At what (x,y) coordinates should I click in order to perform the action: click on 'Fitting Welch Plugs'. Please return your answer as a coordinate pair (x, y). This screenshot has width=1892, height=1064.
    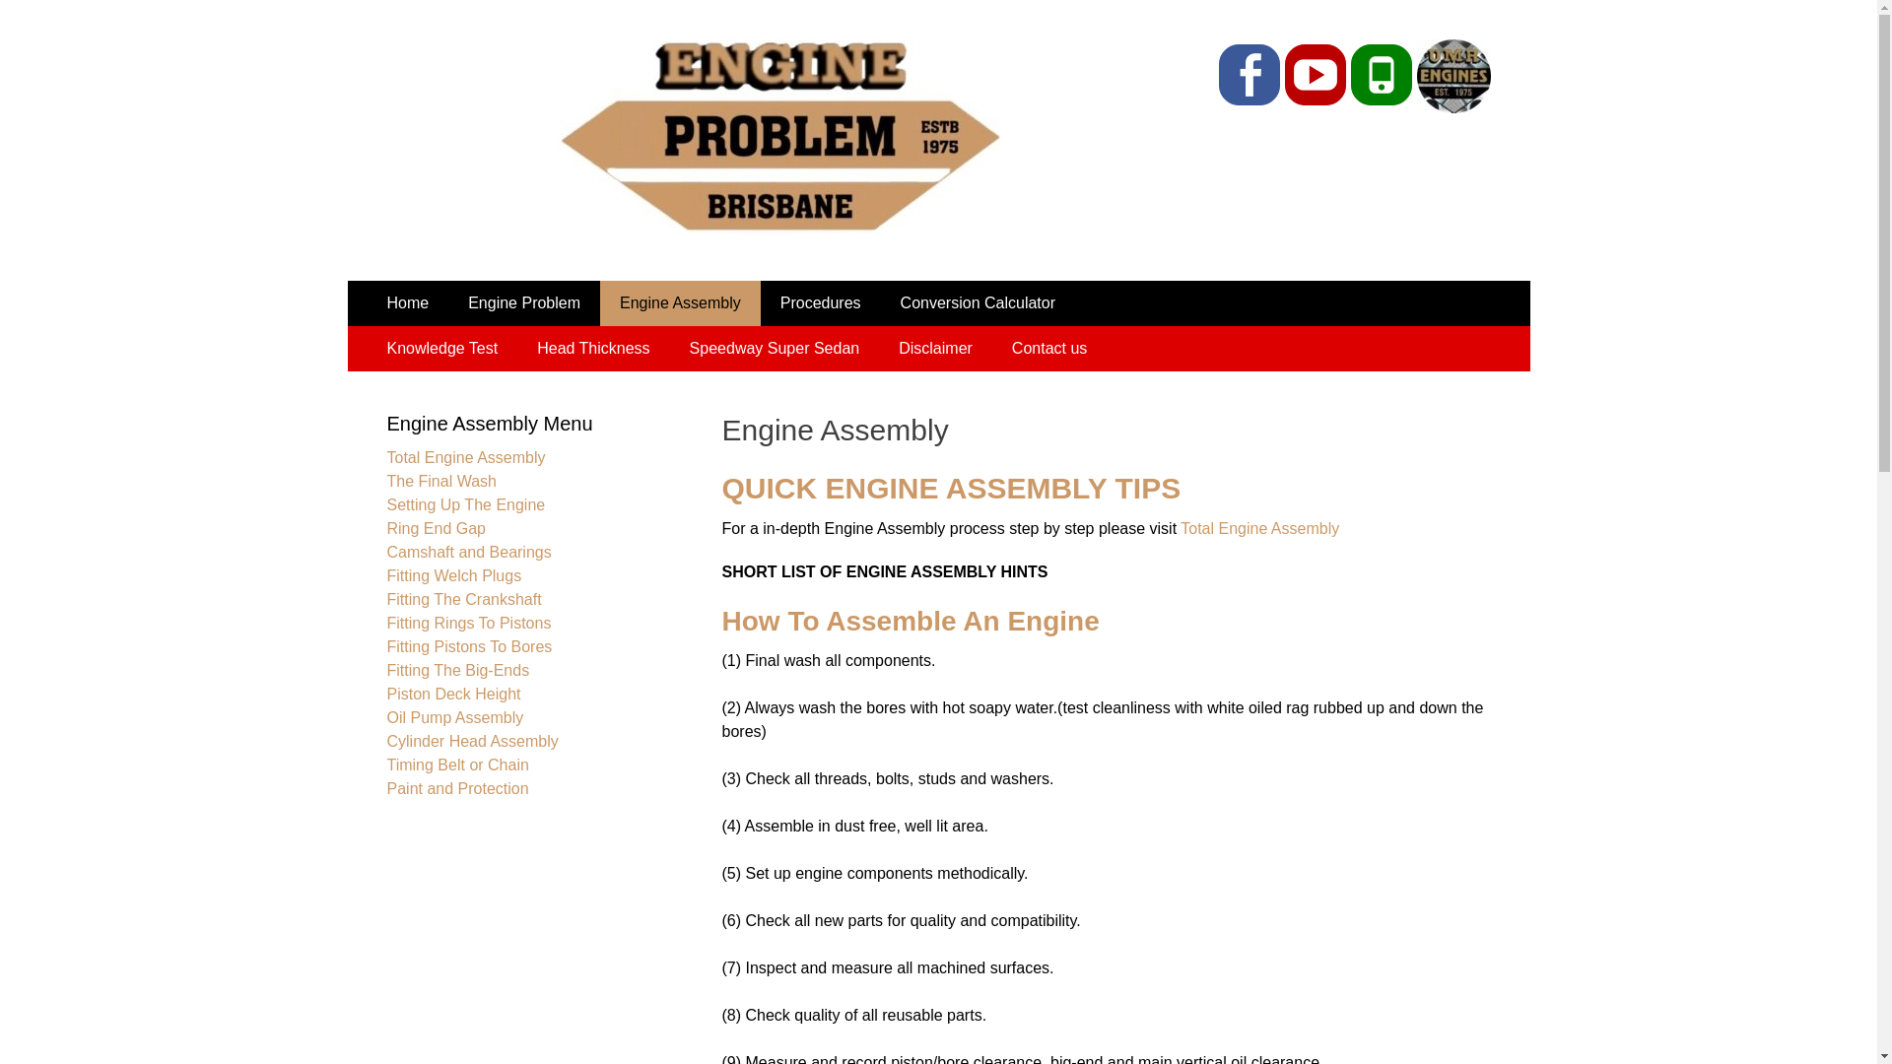
    Looking at the image, I should click on (452, 575).